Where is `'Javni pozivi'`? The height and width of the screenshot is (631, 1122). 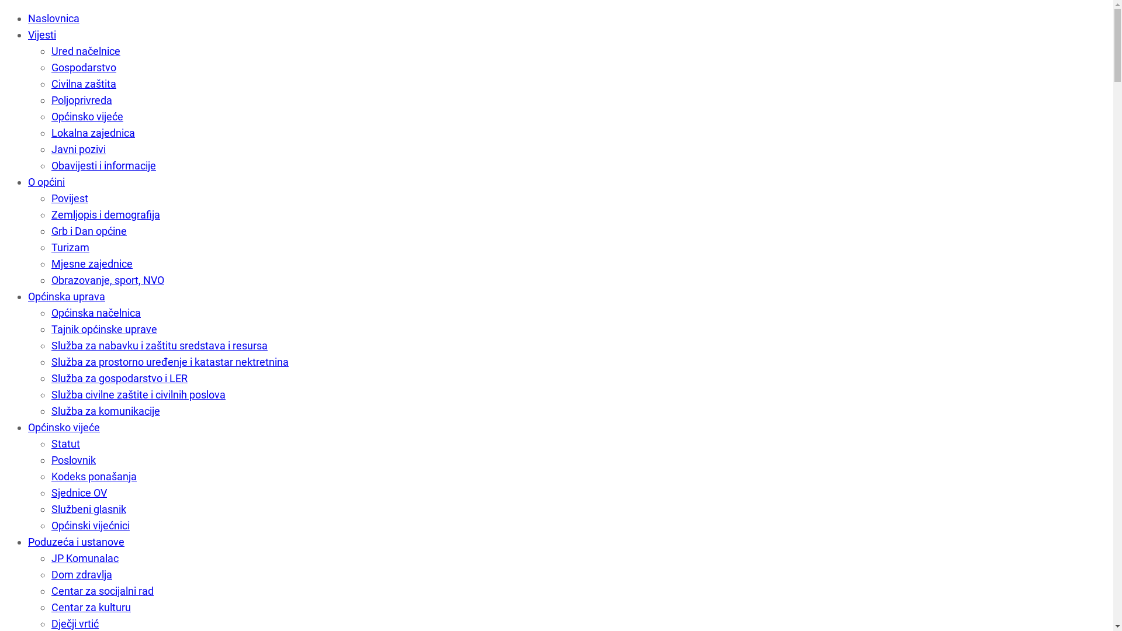 'Javni pozivi' is located at coordinates (78, 148).